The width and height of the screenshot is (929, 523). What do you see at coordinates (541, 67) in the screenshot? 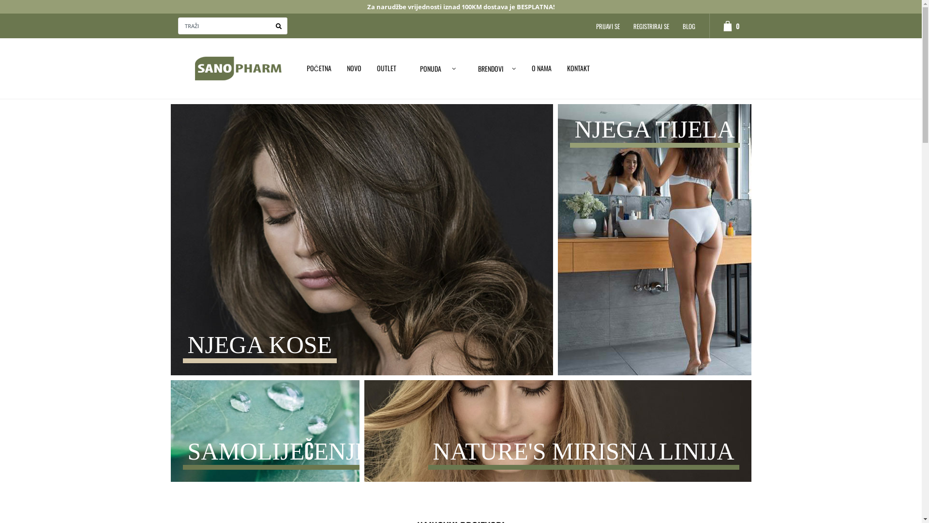
I see `'O NAMA'` at bounding box center [541, 67].